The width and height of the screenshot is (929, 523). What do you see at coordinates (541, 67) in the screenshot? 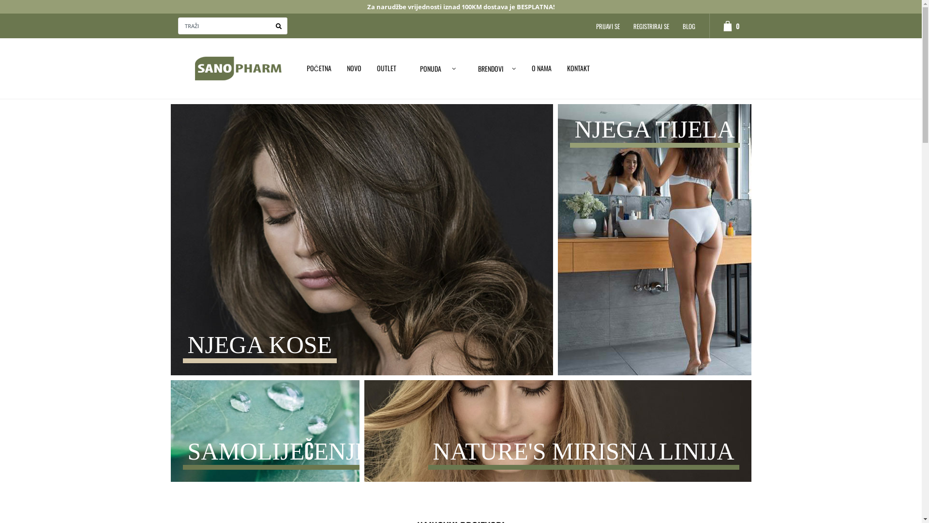
I see `'O NAMA'` at bounding box center [541, 67].